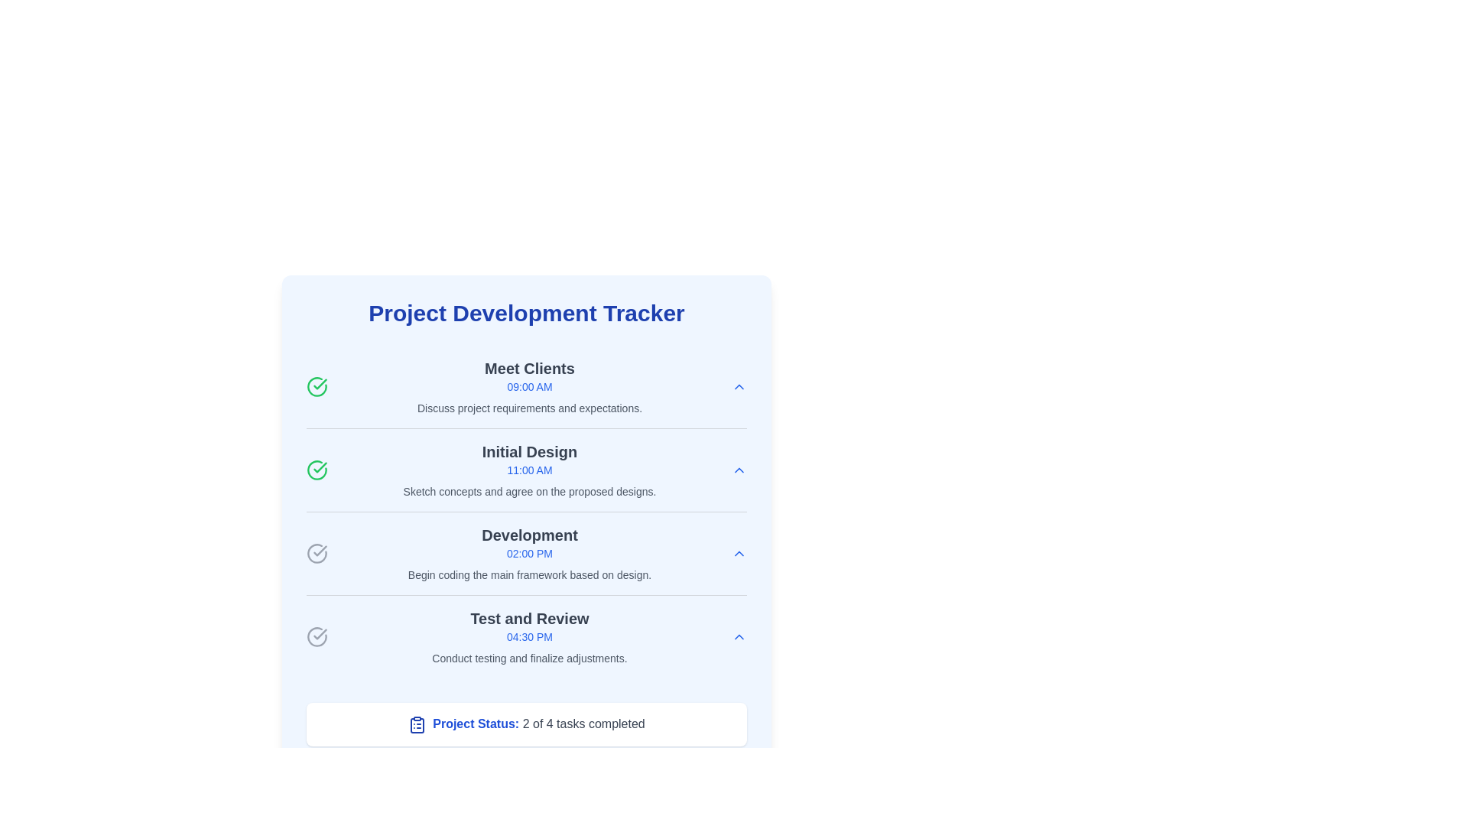 This screenshot has width=1468, height=826. I want to click on details of the Task item element displaying 'Development' with a time label '02:00 PM' and description 'Begin coding the main framework based on design.', so click(529, 554).